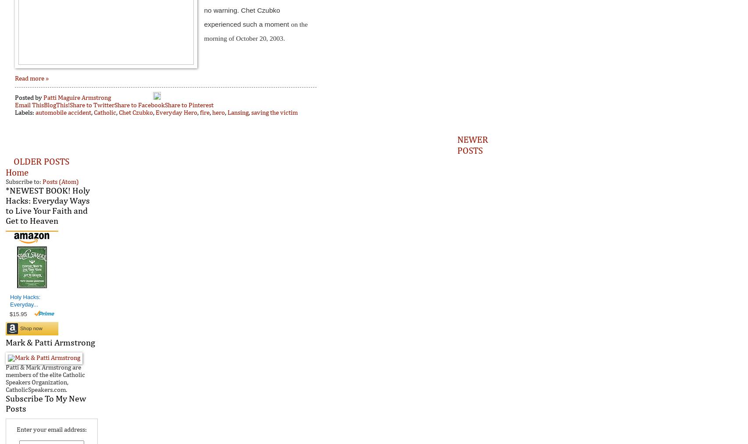 This screenshot has height=444, width=748. What do you see at coordinates (274, 113) in the screenshot?
I see `'saving the victim'` at bounding box center [274, 113].